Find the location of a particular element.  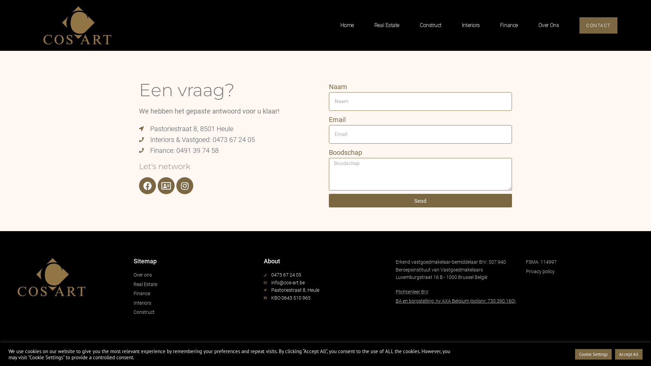

'Finance' is located at coordinates (509, 25).